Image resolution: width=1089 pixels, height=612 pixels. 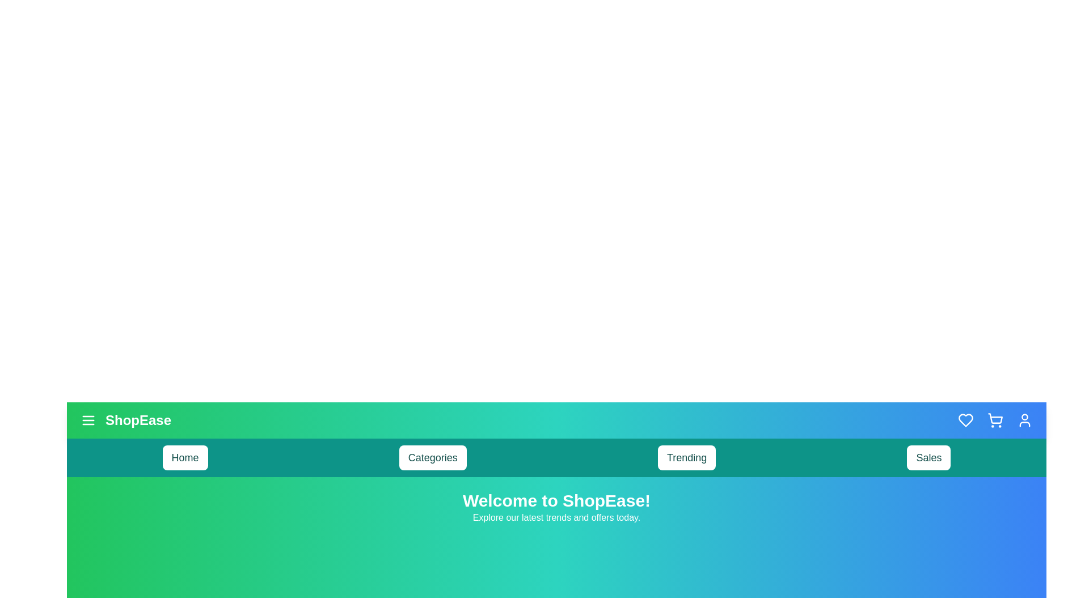 I want to click on the navigation item Categories, so click(x=432, y=457).